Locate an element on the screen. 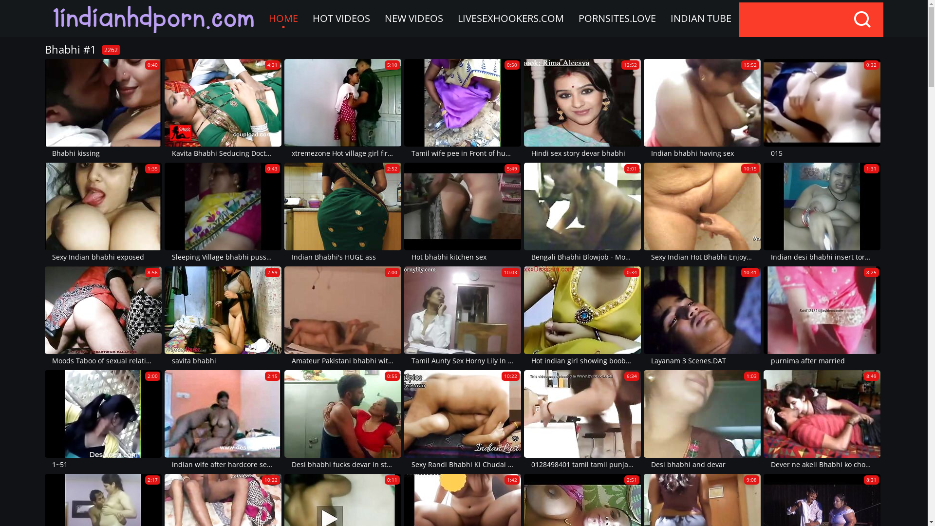 The width and height of the screenshot is (935, 526). '0:40 is located at coordinates (103, 109).